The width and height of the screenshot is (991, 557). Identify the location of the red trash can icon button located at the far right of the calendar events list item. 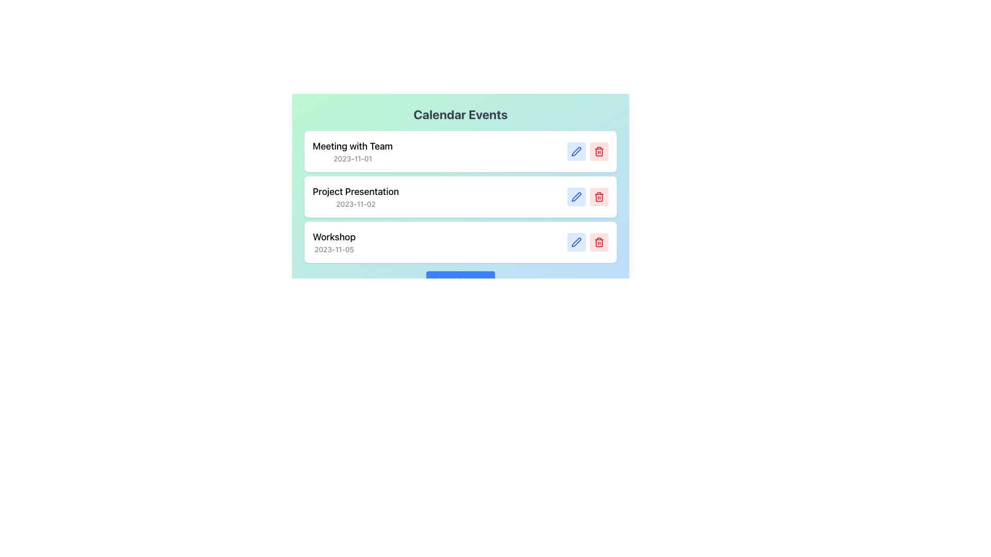
(599, 151).